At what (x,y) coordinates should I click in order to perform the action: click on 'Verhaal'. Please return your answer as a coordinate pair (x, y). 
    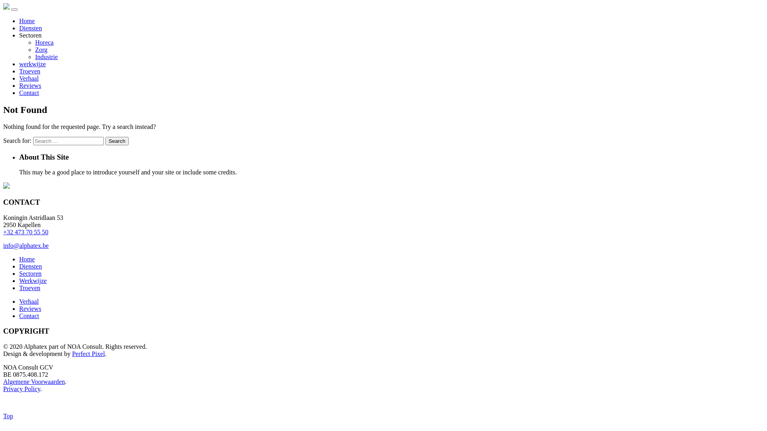
    Looking at the image, I should click on (29, 78).